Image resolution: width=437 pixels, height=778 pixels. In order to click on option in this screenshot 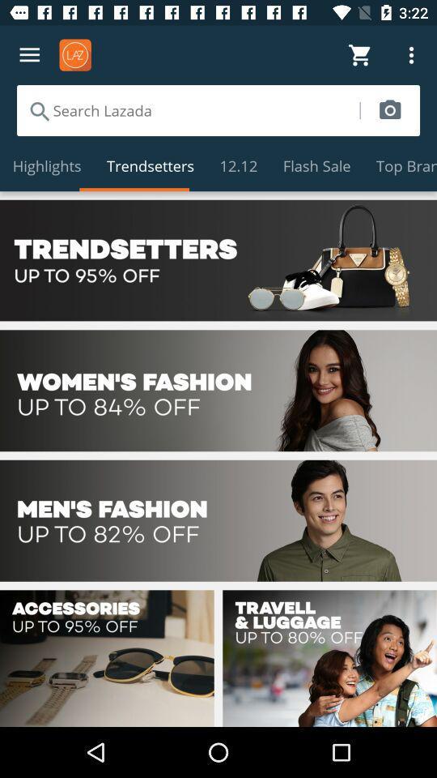, I will do `click(218, 390)`.